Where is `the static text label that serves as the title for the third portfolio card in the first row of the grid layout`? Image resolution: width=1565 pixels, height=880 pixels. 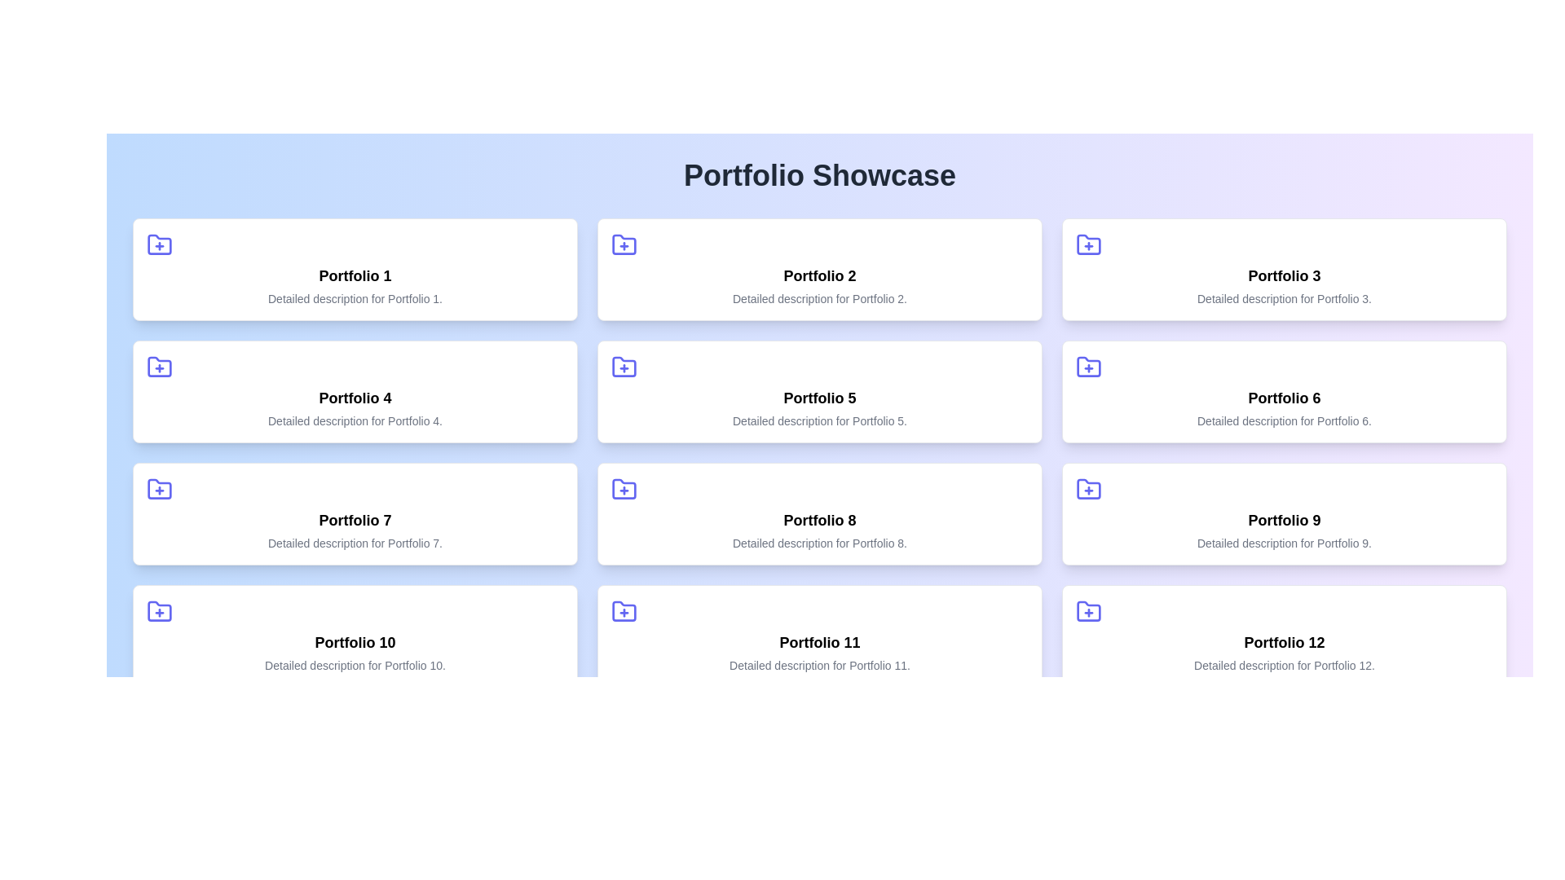
the static text label that serves as the title for the third portfolio card in the first row of the grid layout is located at coordinates (1283, 275).